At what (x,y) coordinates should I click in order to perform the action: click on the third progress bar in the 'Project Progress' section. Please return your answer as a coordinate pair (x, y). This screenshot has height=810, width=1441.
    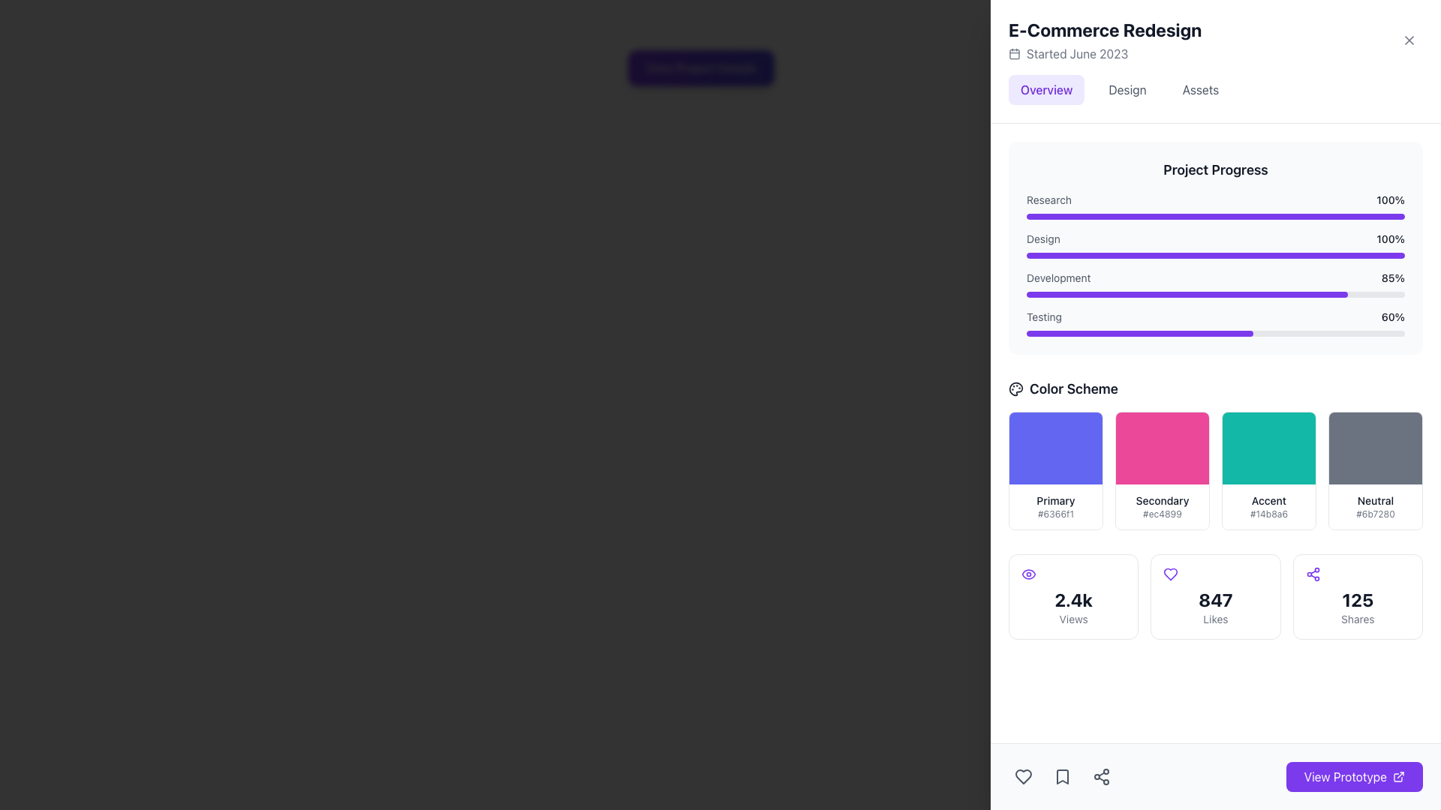
    Looking at the image, I should click on (1216, 264).